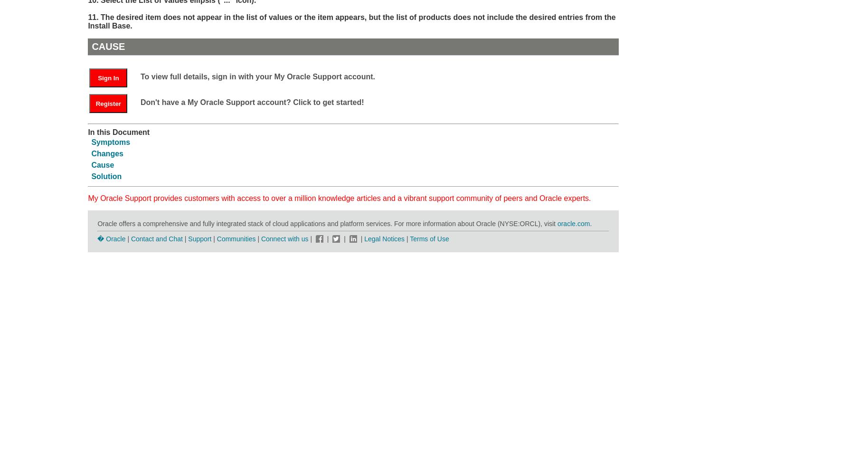 This screenshot has width=850, height=475. I want to click on 'Don't have a My Oracle Support account?  Click to get started!', so click(251, 101).